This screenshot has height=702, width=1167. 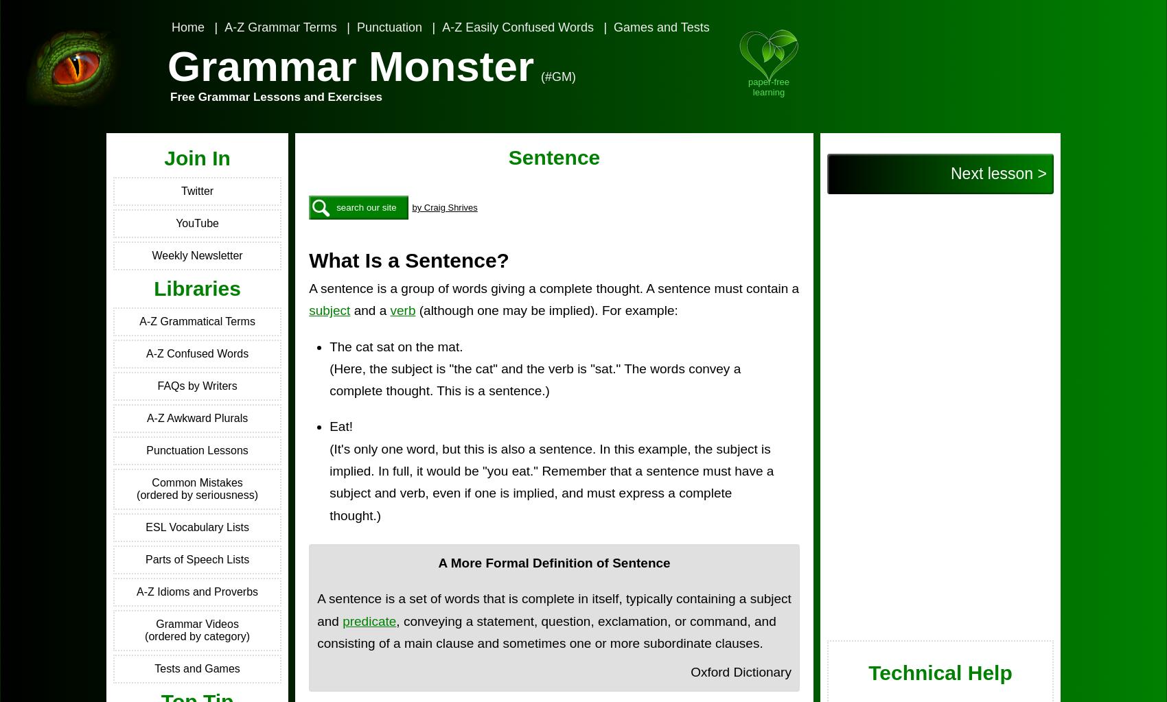 I want to click on 'Join In', so click(x=196, y=157).